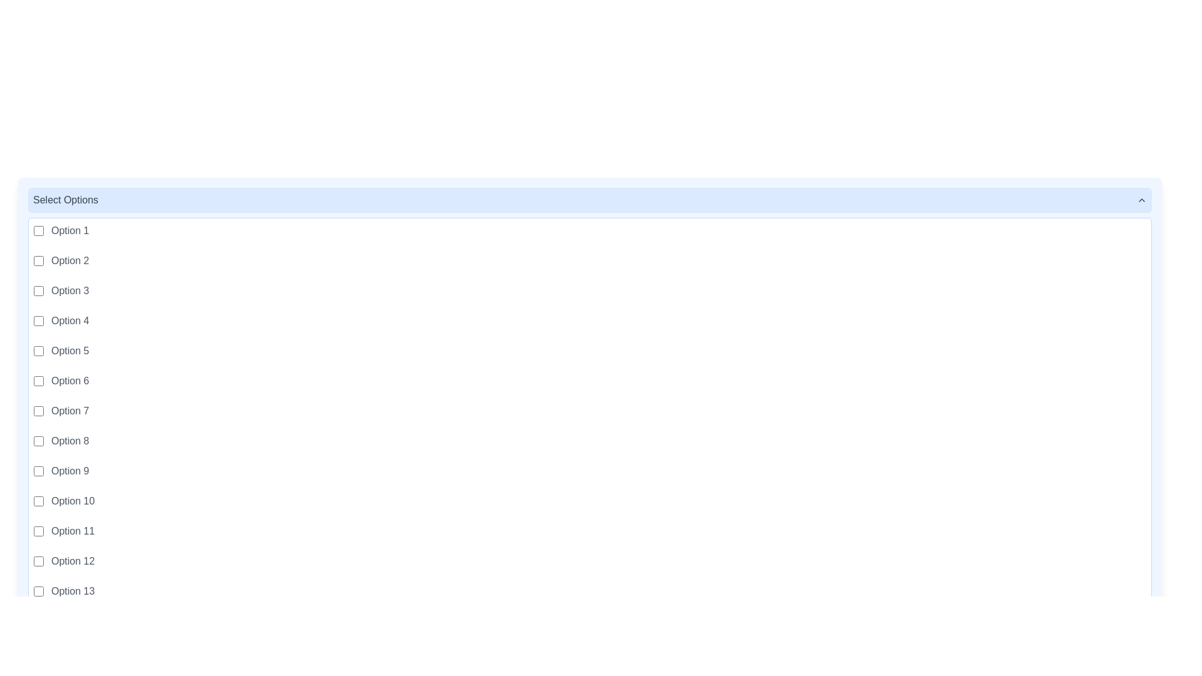  Describe the element at coordinates (69, 471) in the screenshot. I see `the text label displaying 'Option 9' styled in gray color, which is the ninth option in a list of similar elements` at that location.